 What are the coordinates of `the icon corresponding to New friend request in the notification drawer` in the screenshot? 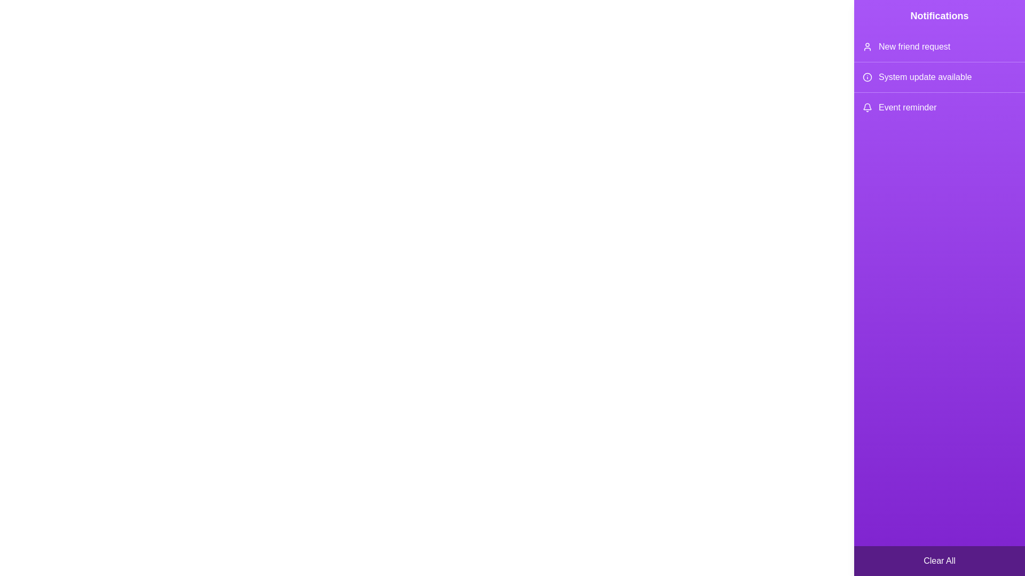 It's located at (868, 46).